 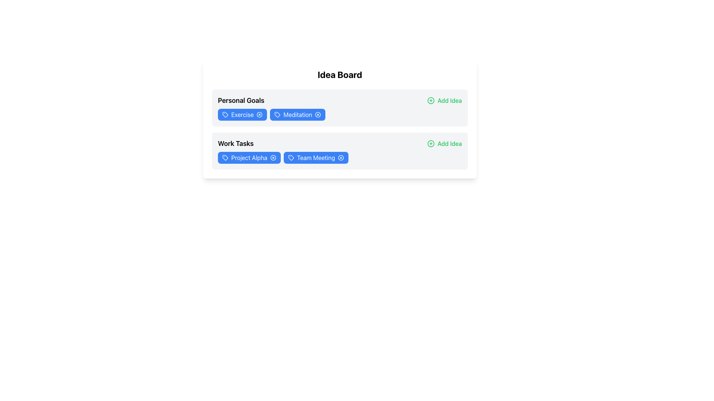 What do you see at coordinates (290, 157) in the screenshot?
I see `the decorative tag icon associated with the 'Team Meeting' text located below the 'Personal Goals' section and to the left of 'Team Meeting'` at bounding box center [290, 157].